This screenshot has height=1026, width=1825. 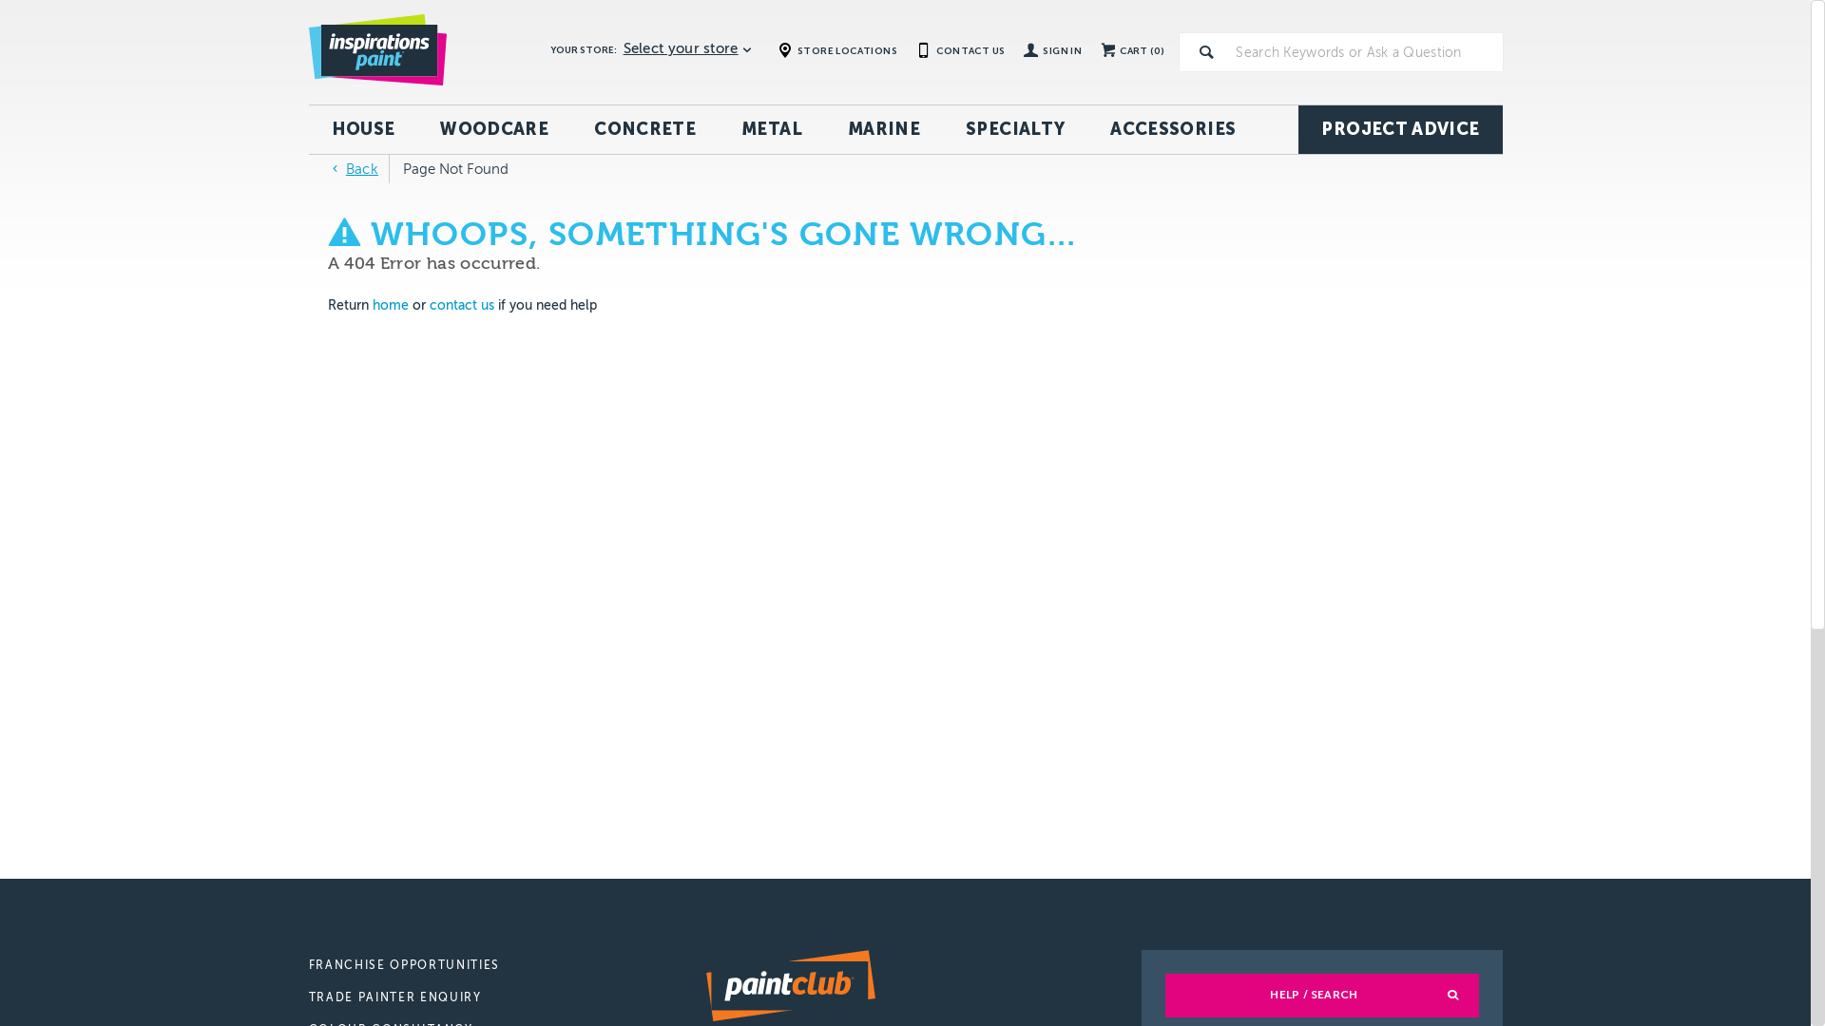 I want to click on 'CART (0)', so click(x=1090, y=51).